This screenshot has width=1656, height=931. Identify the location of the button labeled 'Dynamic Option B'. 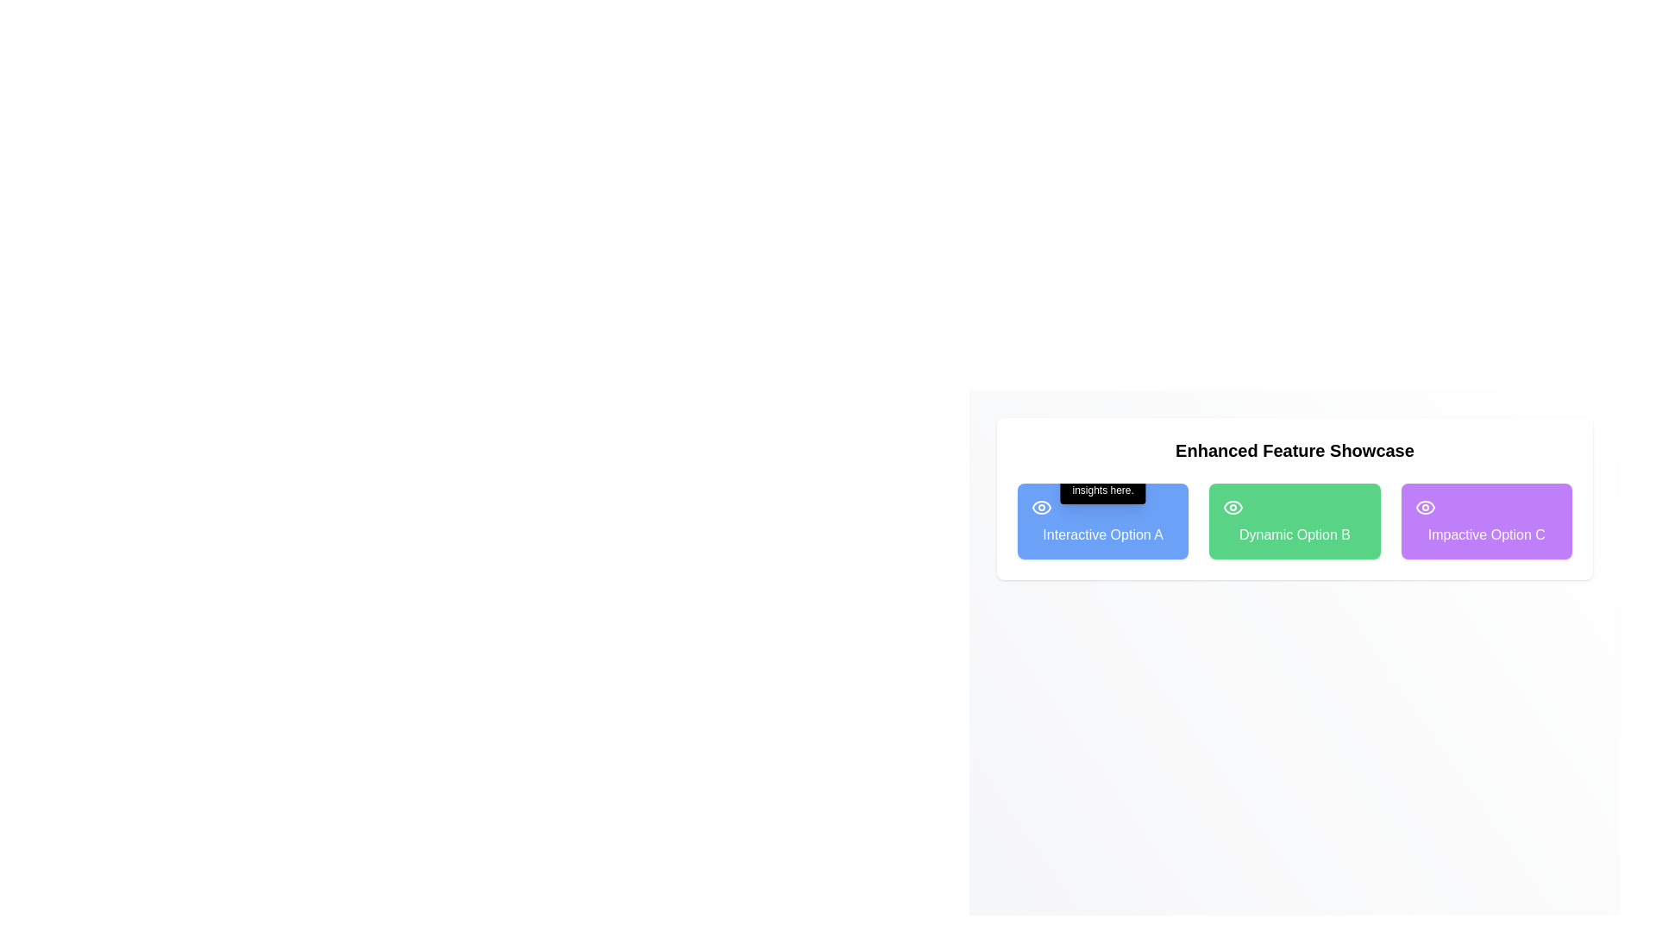
(1295, 498).